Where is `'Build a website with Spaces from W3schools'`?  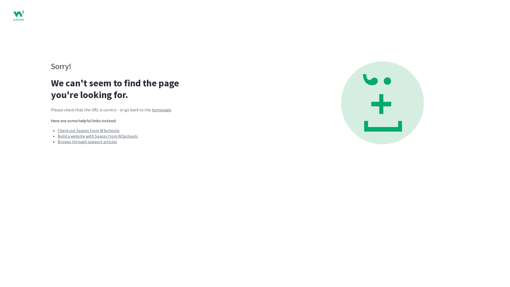
'Build a website with Spaces from W3schools' is located at coordinates (98, 136).